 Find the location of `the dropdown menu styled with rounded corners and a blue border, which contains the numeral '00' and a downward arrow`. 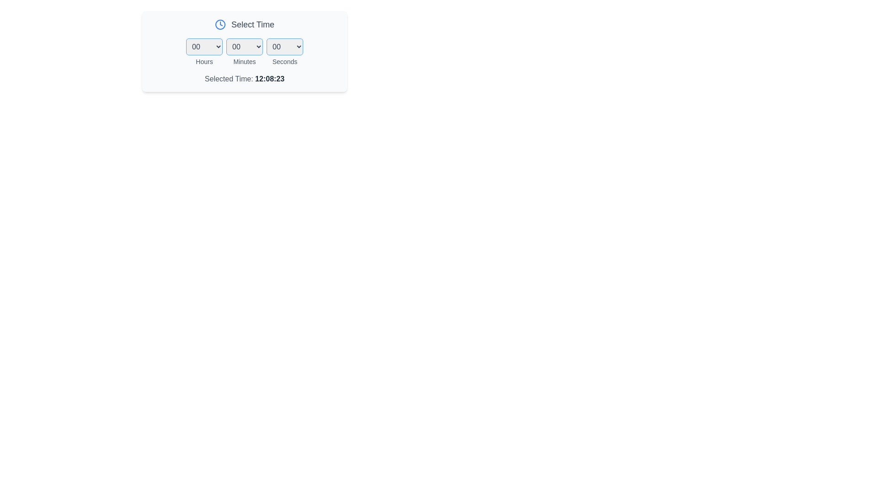

the dropdown menu styled with rounded corners and a blue border, which contains the numeral '00' and a downward arrow is located at coordinates (244, 47).